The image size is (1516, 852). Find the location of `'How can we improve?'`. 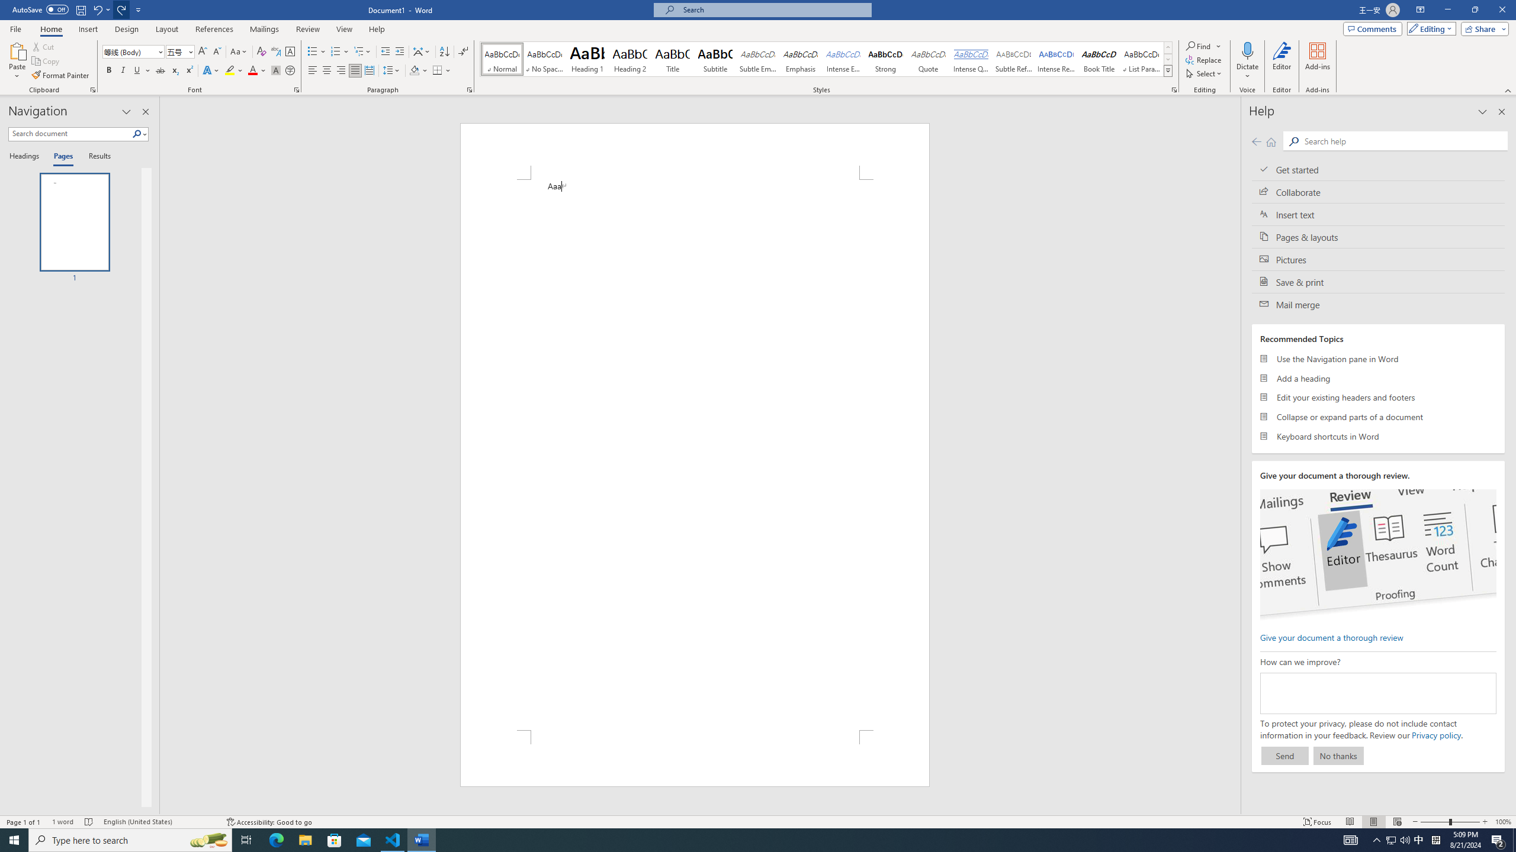

'How can we improve?' is located at coordinates (1378, 693).